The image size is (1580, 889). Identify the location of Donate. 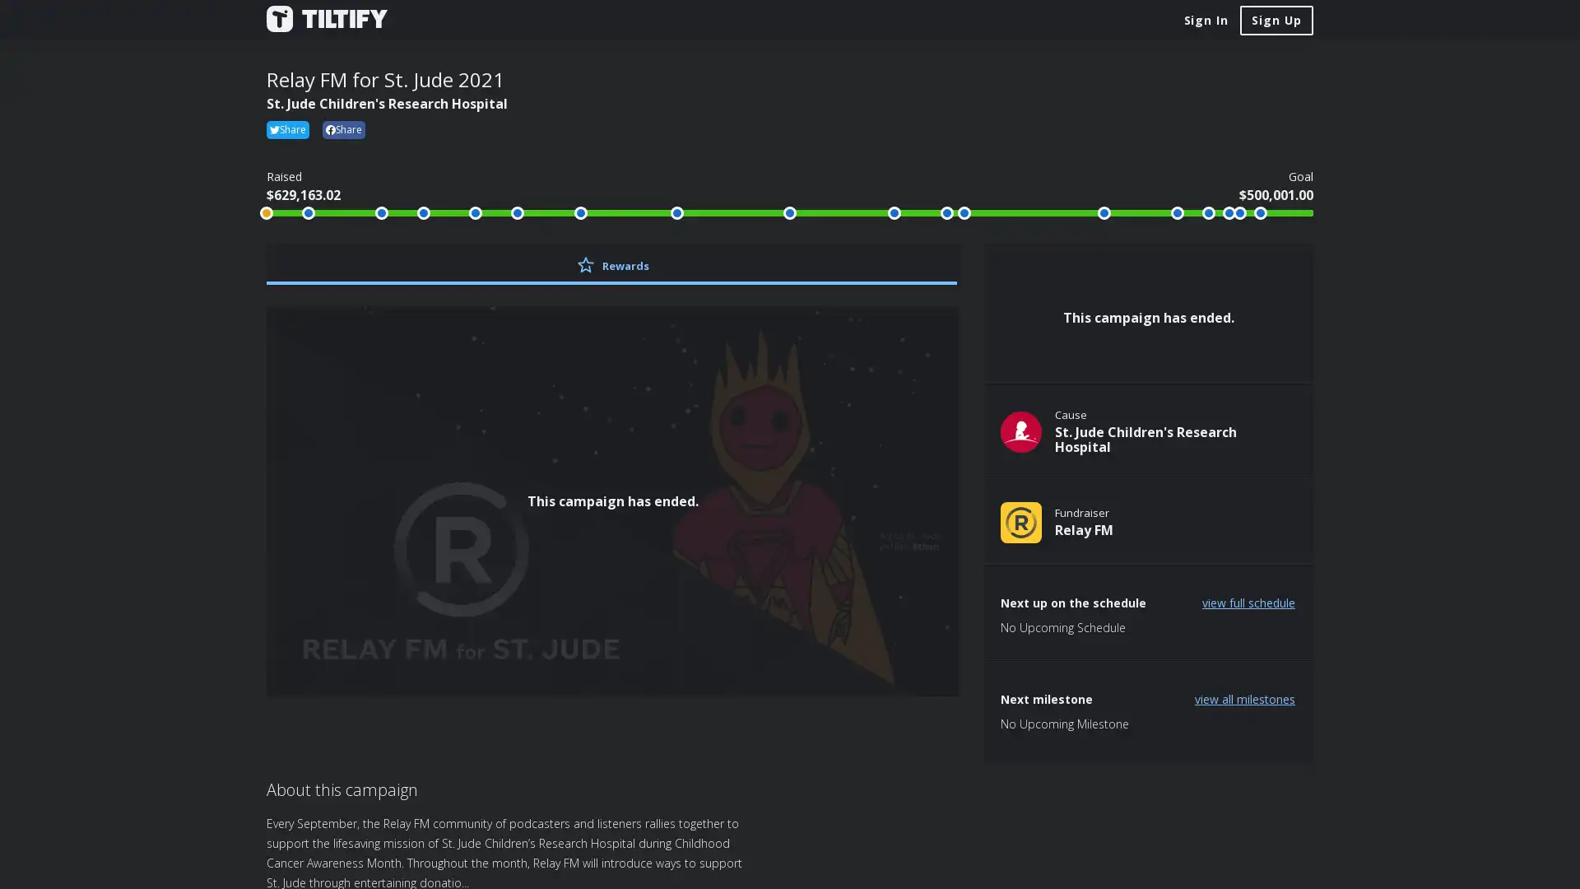
(1148, 275).